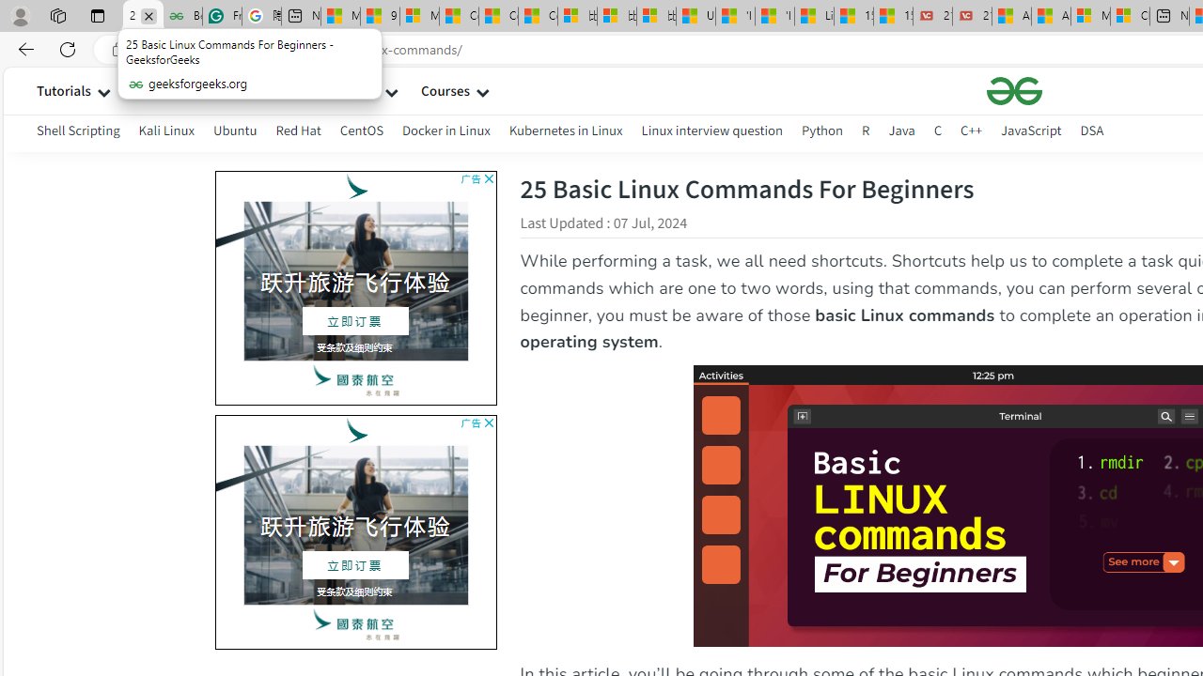 The image size is (1203, 676). Describe the element at coordinates (937, 130) in the screenshot. I see `'C'` at that location.